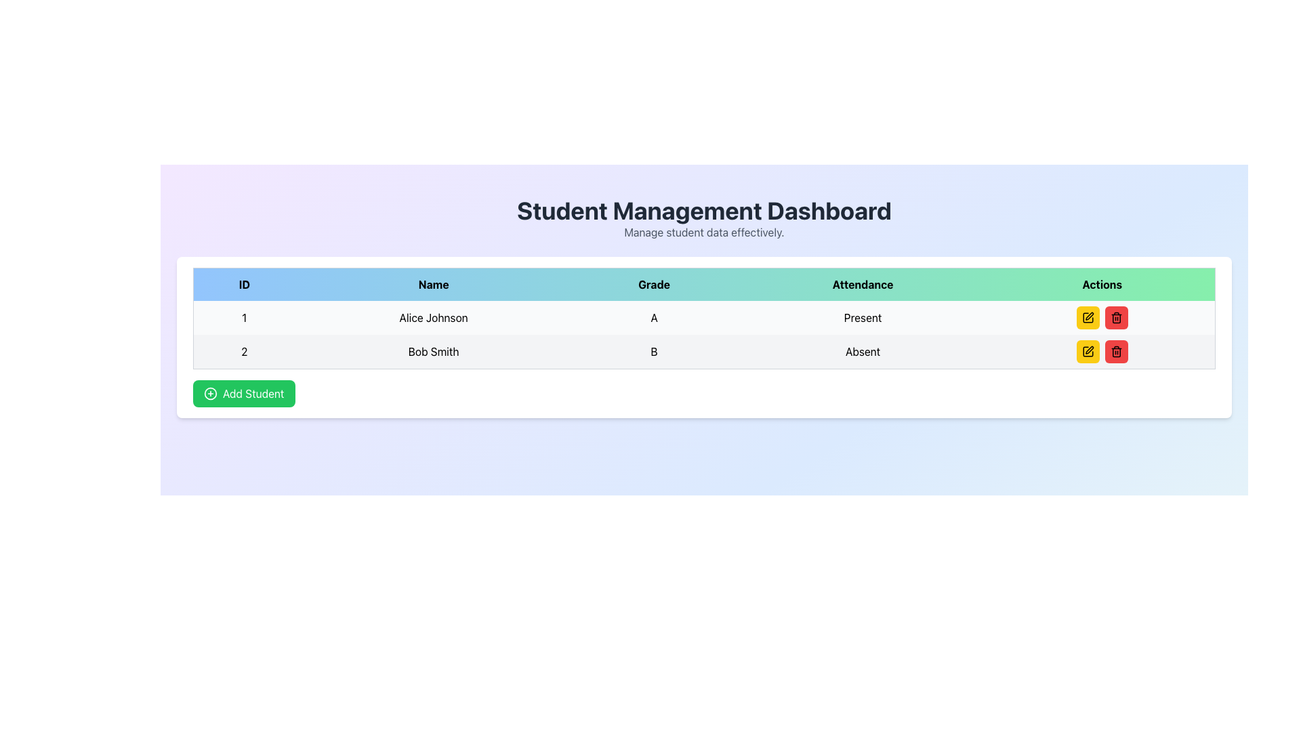 Image resolution: width=1301 pixels, height=732 pixels. What do you see at coordinates (704, 232) in the screenshot?
I see `the text element displaying 'Manage student data effectively.' which is styled in gray and located below the 'Student Management Dashboard' title` at bounding box center [704, 232].